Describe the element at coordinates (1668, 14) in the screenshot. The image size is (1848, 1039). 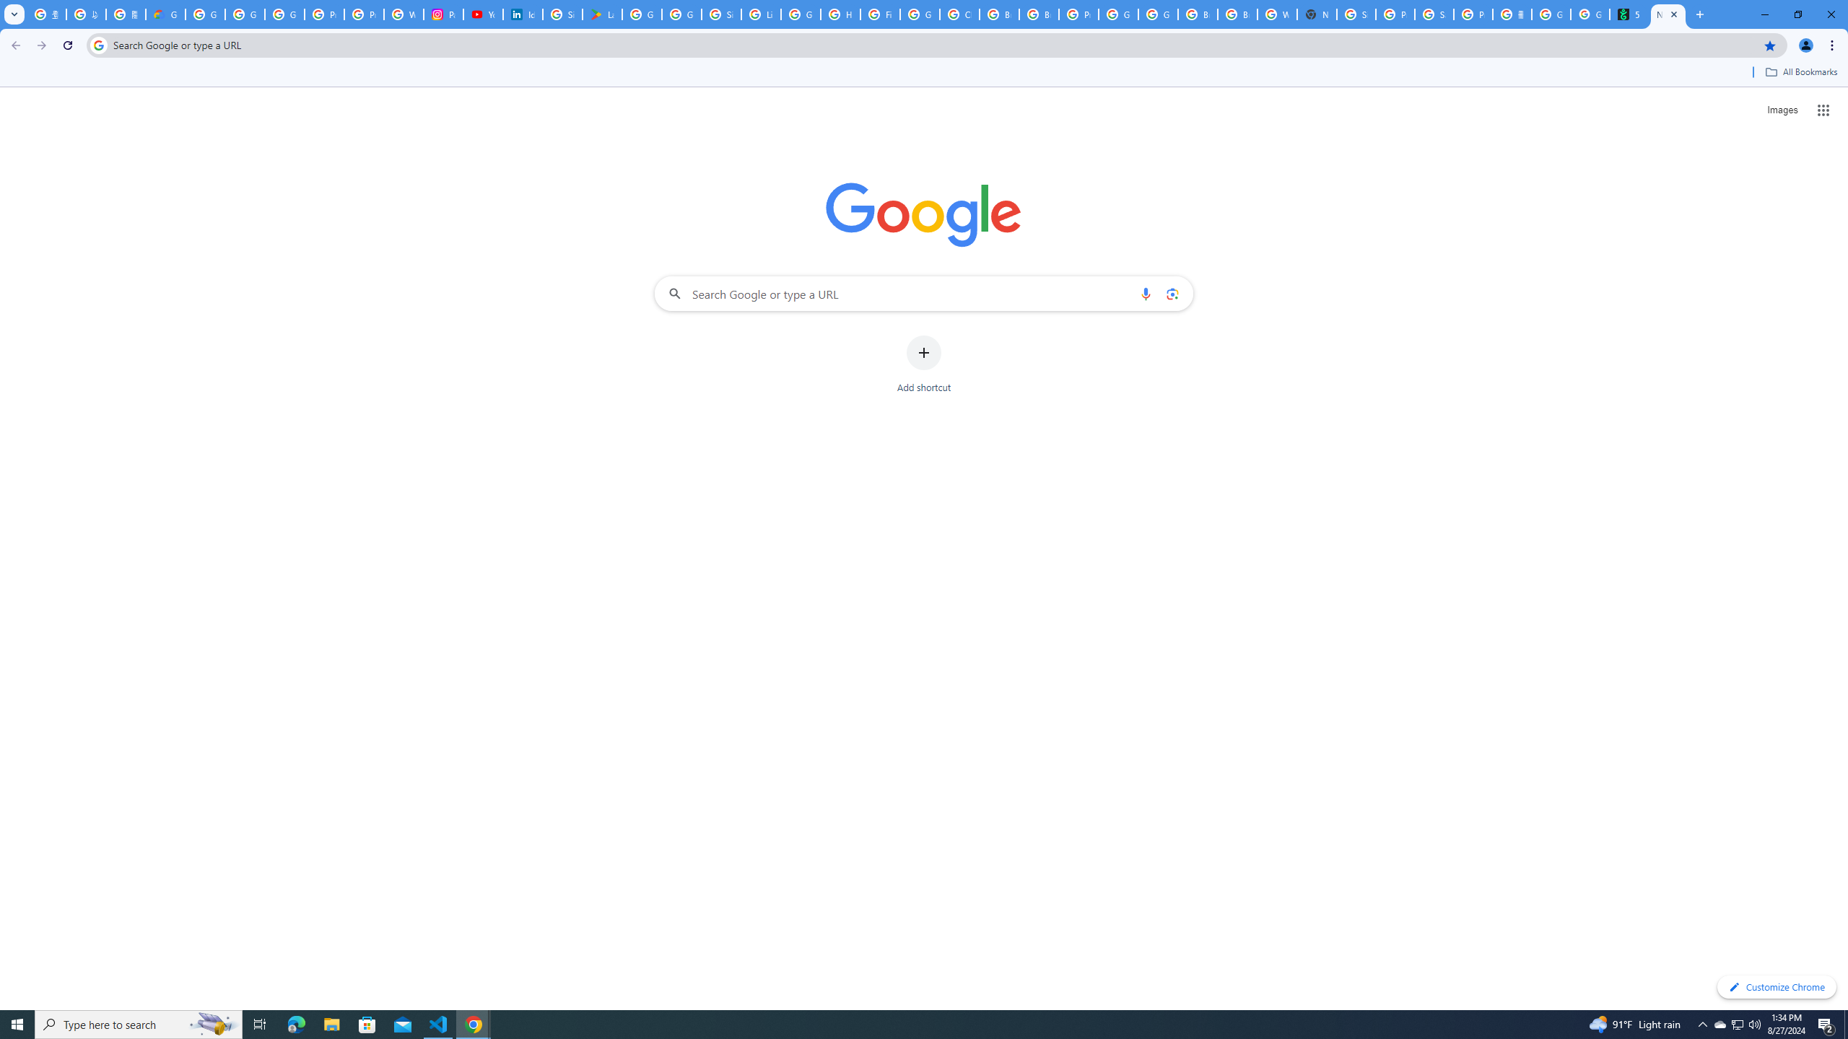
I see `'New Tab'` at that location.